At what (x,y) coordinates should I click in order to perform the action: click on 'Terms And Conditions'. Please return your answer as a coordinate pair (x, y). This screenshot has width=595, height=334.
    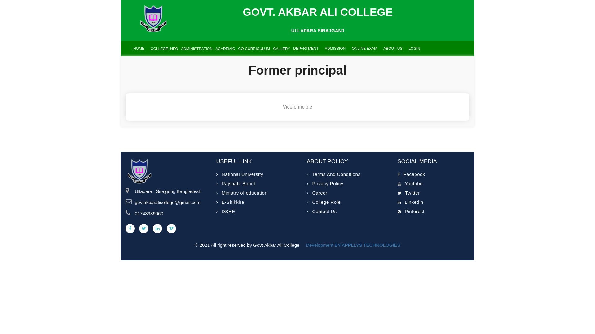
    Looking at the image, I should click on (333, 174).